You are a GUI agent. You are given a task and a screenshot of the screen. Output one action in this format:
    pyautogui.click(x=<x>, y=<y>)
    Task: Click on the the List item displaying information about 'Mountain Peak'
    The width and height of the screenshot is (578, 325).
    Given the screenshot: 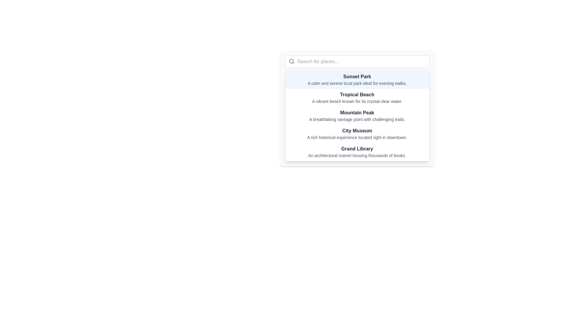 What is the action you would take?
    pyautogui.click(x=357, y=108)
    